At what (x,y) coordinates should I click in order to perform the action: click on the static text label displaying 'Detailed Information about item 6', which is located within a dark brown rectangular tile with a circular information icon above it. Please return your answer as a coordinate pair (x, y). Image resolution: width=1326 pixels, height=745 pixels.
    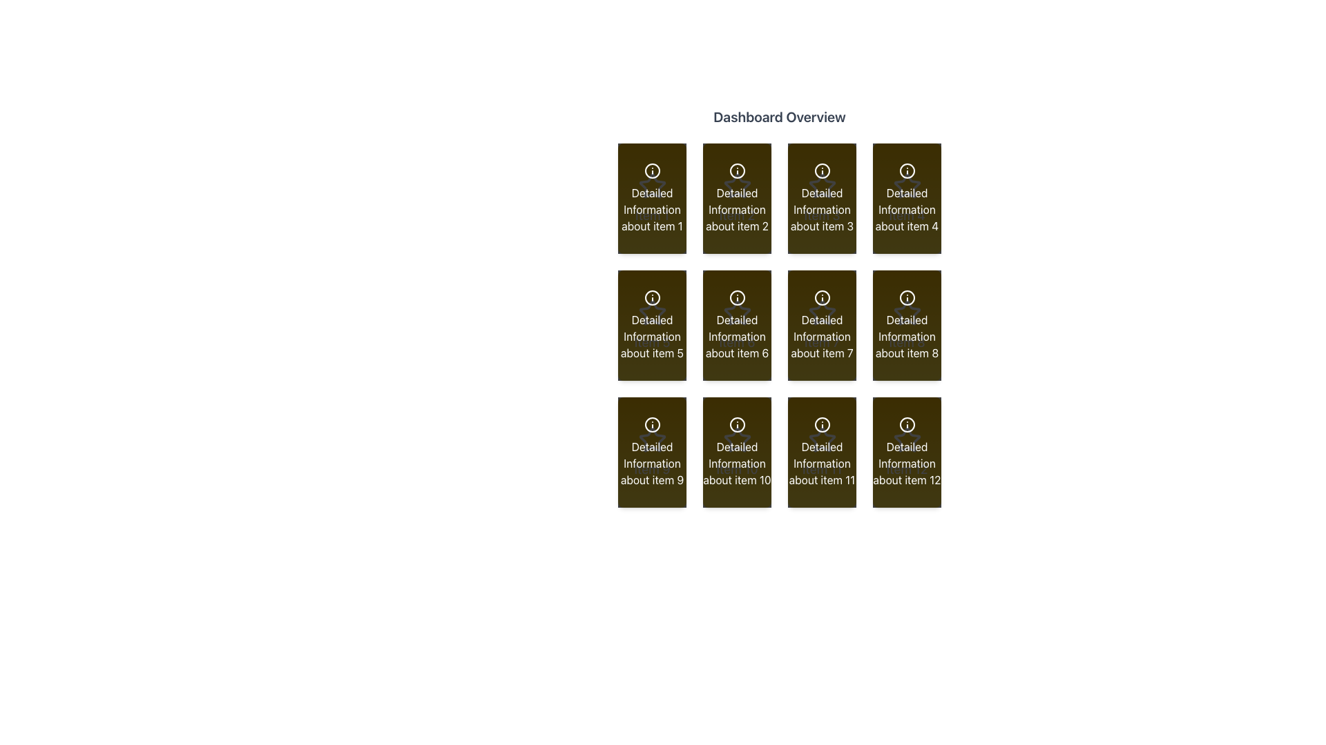
    Looking at the image, I should click on (736, 337).